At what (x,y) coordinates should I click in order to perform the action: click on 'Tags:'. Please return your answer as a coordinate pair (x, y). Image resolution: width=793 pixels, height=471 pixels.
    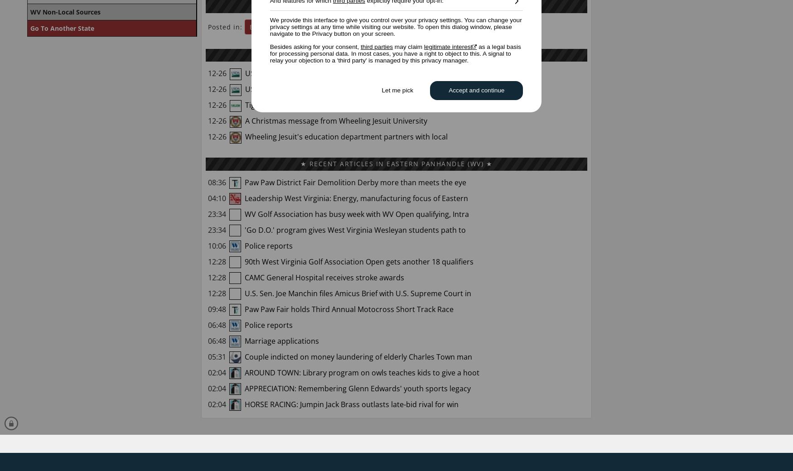
    Looking at the image, I should click on (416, 26).